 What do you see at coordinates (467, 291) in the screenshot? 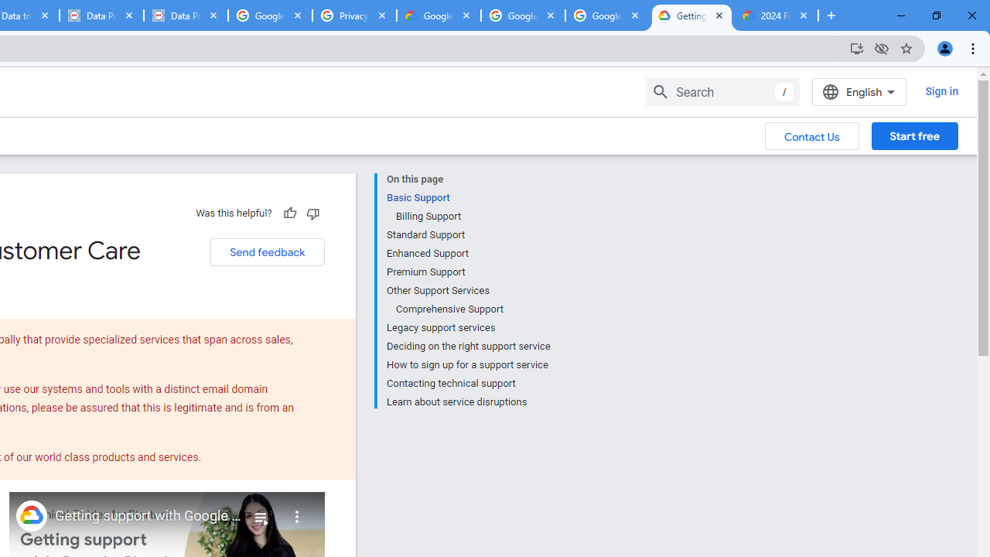
I see `'Other Support Services'` at bounding box center [467, 291].